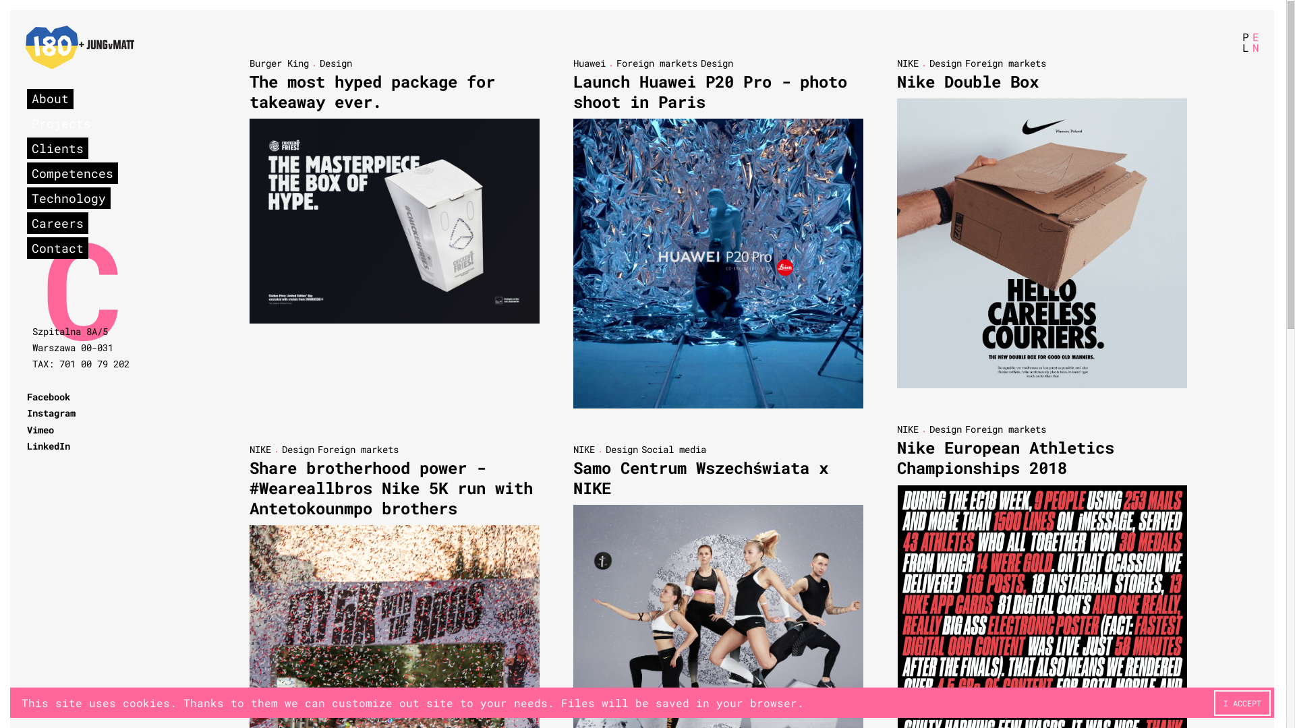 The height and width of the screenshot is (728, 1295). Describe the element at coordinates (336, 64) in the screenshot. I see `'Design'` at that location.